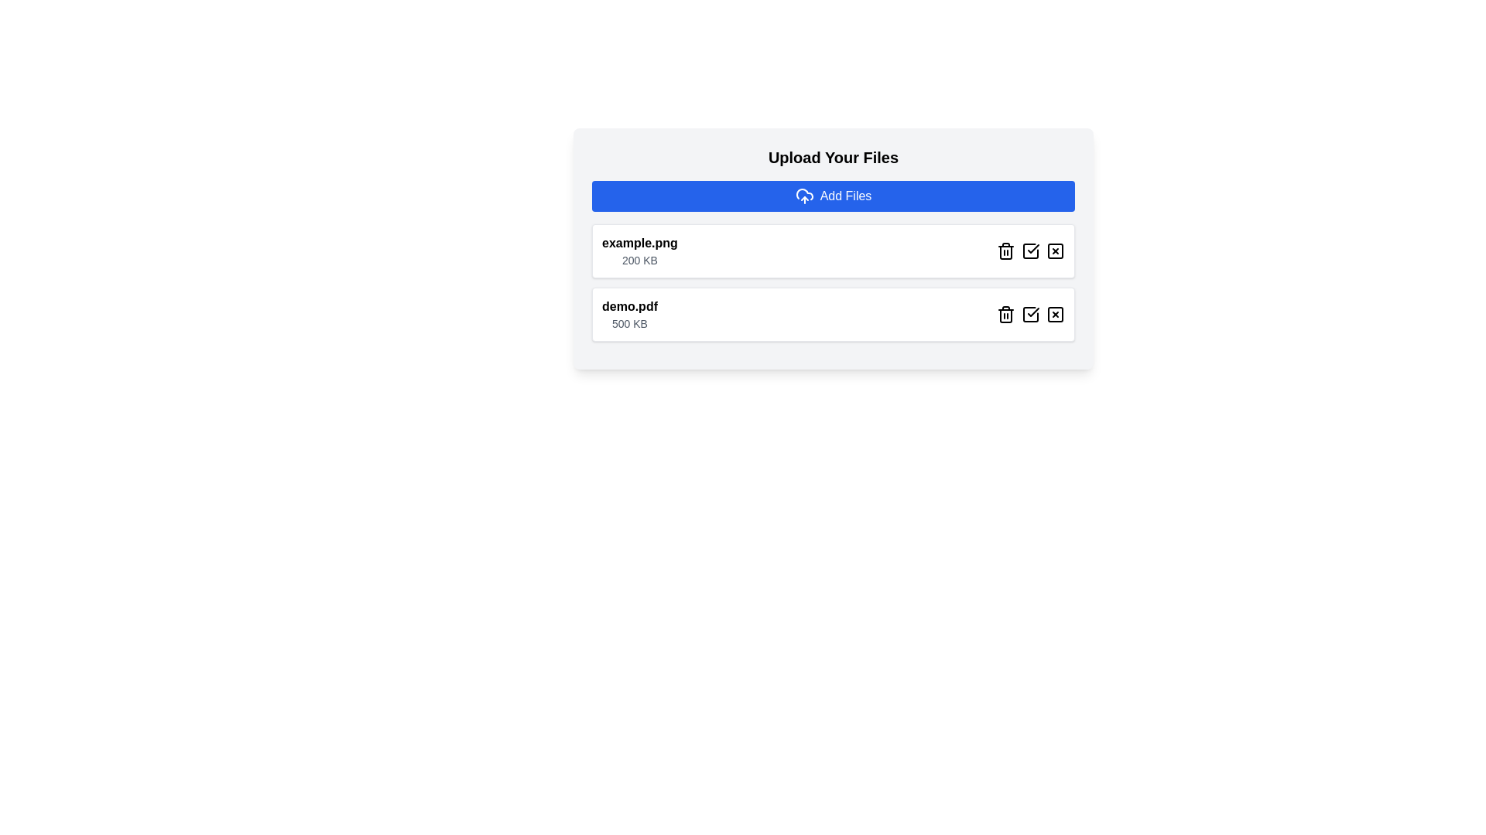 The image size is (1486, 835). What do you see at coordinates (1030, 250) in the screenshot?
I see `the square-shaped checkbox with a checkmark inside, which is the second element from the left in its group` at bounding box center [1030, 250].